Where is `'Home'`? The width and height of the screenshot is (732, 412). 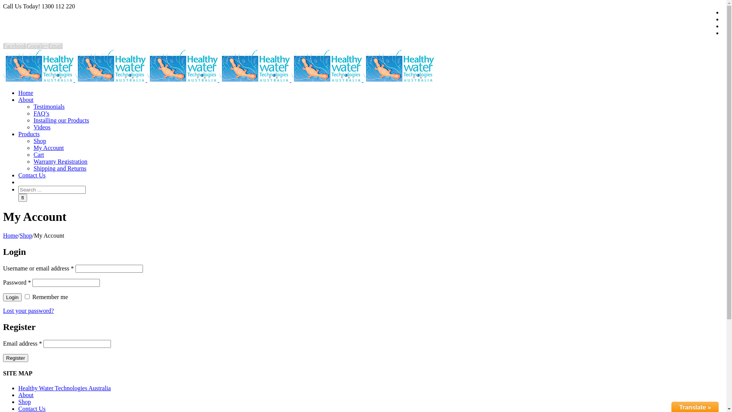
'Home' is located at coordinates (10, 235).